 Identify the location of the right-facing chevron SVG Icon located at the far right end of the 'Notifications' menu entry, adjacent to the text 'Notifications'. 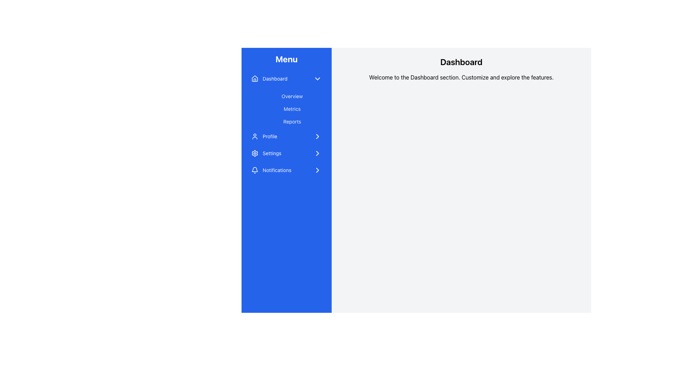
(317, 170).